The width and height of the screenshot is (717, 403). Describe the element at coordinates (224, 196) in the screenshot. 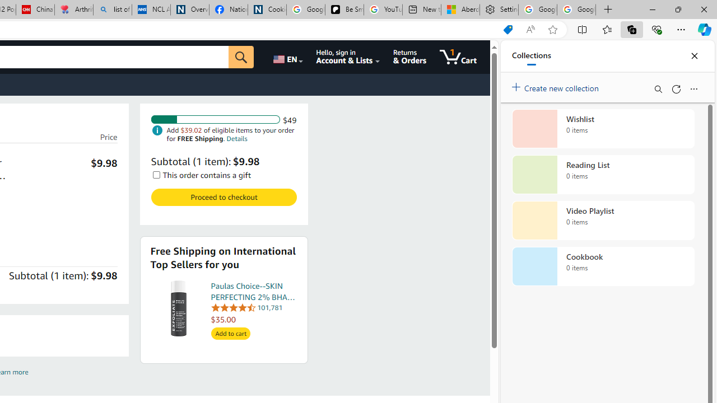

I see `'Proceed to checkout Check out Amazon Cart '` at that location.